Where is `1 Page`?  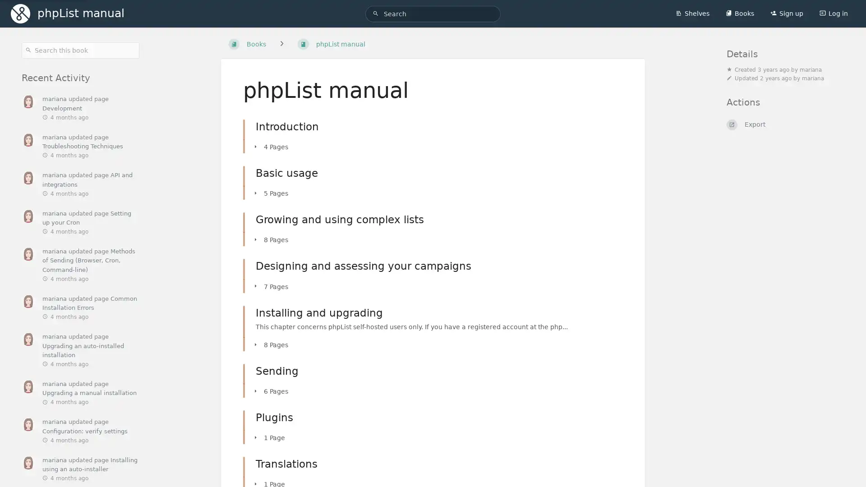 1 Page is located at coordinates (433, 436).